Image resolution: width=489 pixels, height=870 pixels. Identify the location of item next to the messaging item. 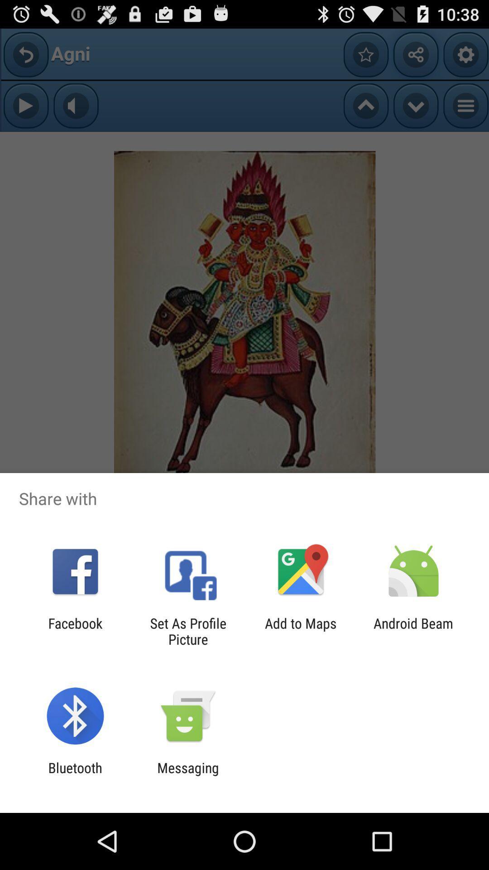
(75, 775).